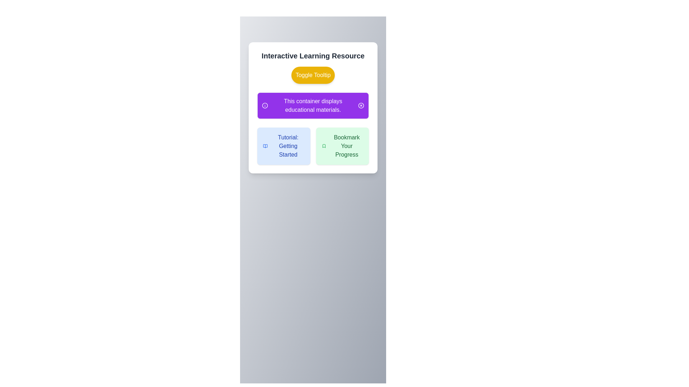  What do you see at coordinates (313, 75) in the screenshot?
I see `the yellow rounded button labeled 'Toggle Tooltip'` at bounding box center [313, 75].